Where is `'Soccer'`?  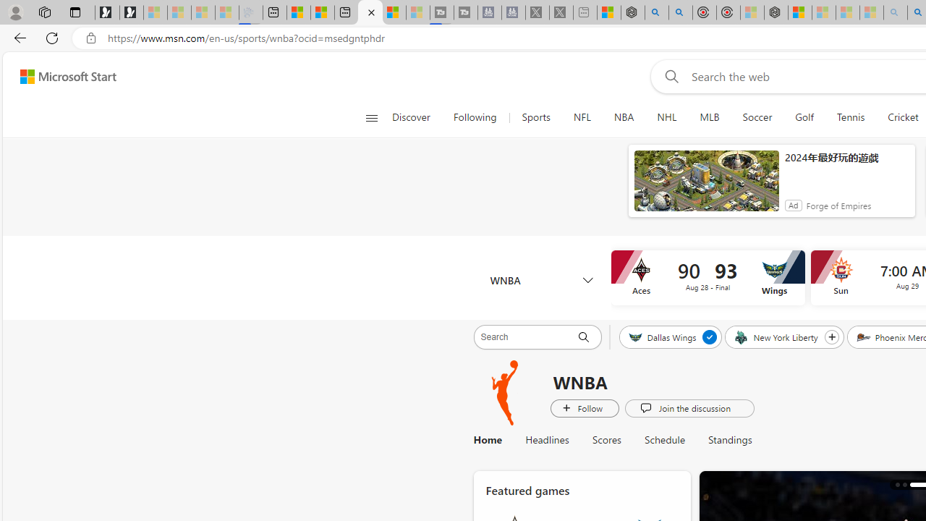
'Soccer' is located at coordinates (757, 117).